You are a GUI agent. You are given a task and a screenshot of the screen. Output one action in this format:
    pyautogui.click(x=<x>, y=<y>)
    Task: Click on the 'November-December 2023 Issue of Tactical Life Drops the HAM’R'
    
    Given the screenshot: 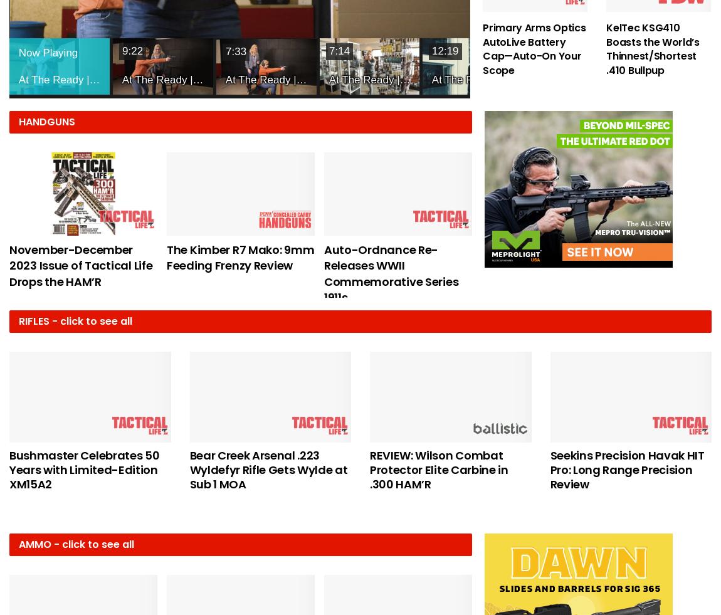 What is the action you would take?
    pyautogui.click(x=80, y=265)
    